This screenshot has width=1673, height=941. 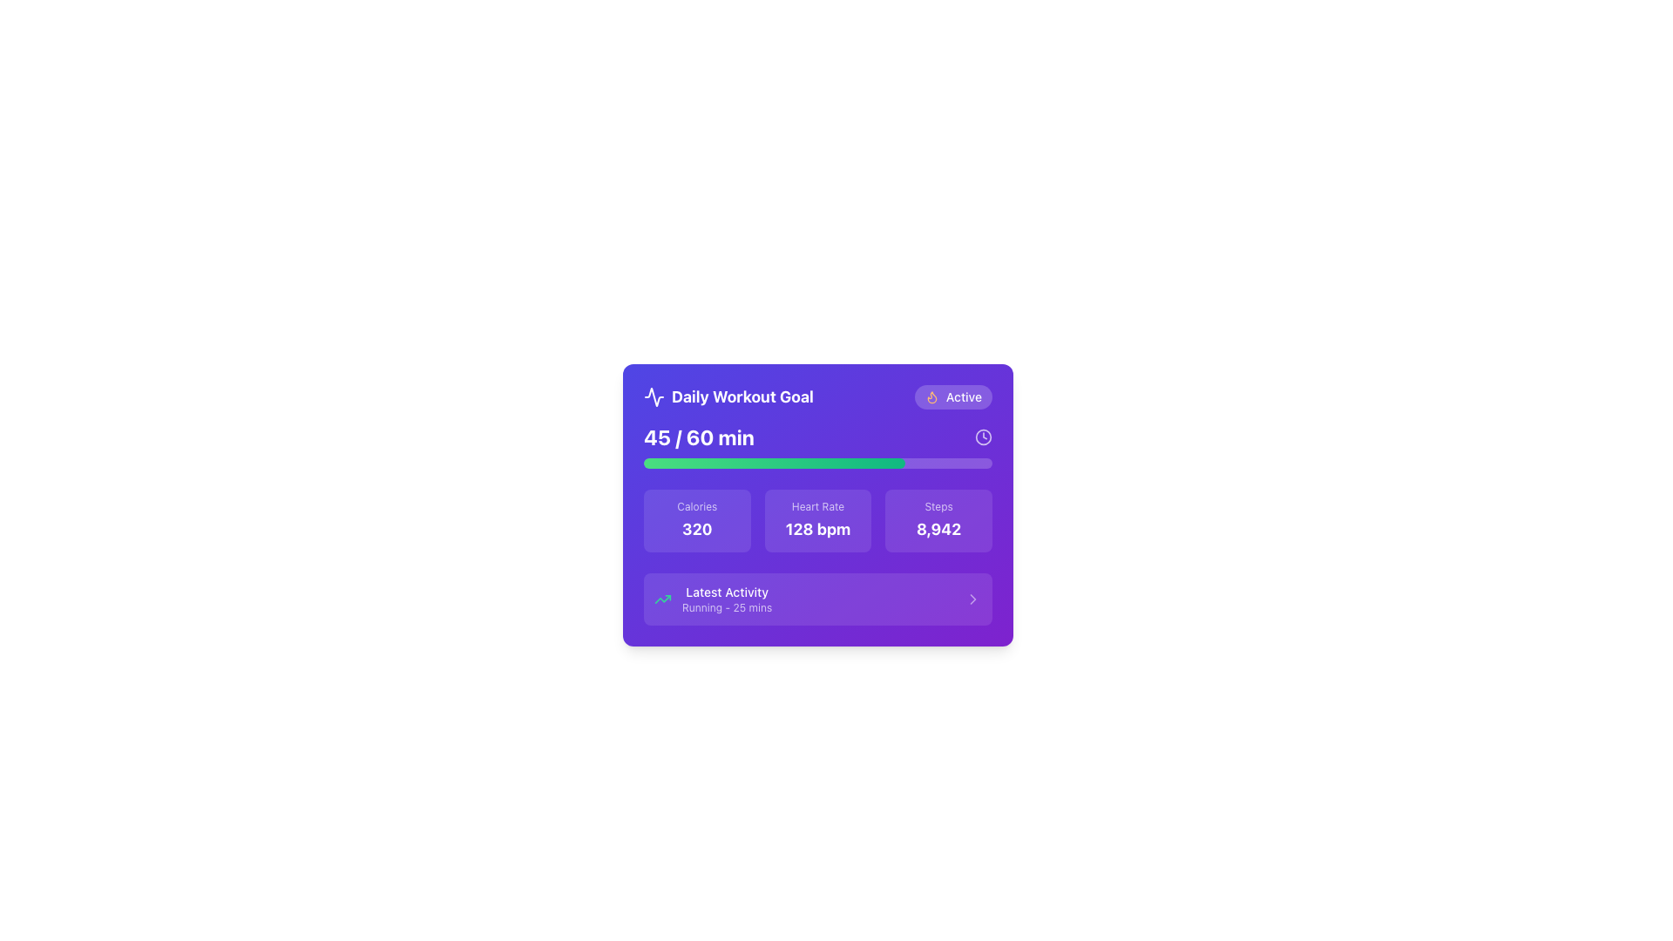 What do you see at coordinates (817, 529) in the screenshot?
I see `bold white text displaying '128 bpm' located within the 'Heart Rate' card, which is positioned in the middle section at the bottom of the interface` at bounding box center [817, 529].